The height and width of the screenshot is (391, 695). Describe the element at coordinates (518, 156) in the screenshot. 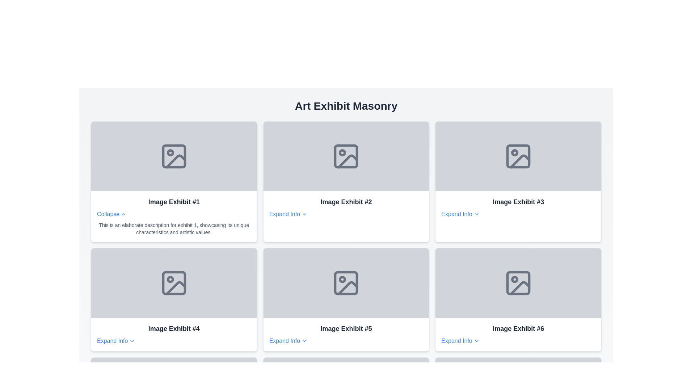

I see `the icon located in the top-right section of the card labeled 'Image Exhibit #3'` at that location.